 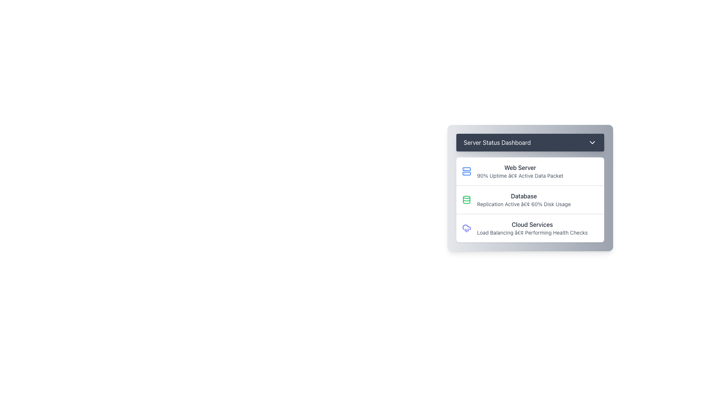 What do you see at coordinates (532, 228) in the screenshot?
I see `the 'Cloud Services' label which shows 'Load Balancing • Performing Health Checks' and is the third item in the vertical list of the 'Server Status Dashboard' card` at bounding box center [532, 228].